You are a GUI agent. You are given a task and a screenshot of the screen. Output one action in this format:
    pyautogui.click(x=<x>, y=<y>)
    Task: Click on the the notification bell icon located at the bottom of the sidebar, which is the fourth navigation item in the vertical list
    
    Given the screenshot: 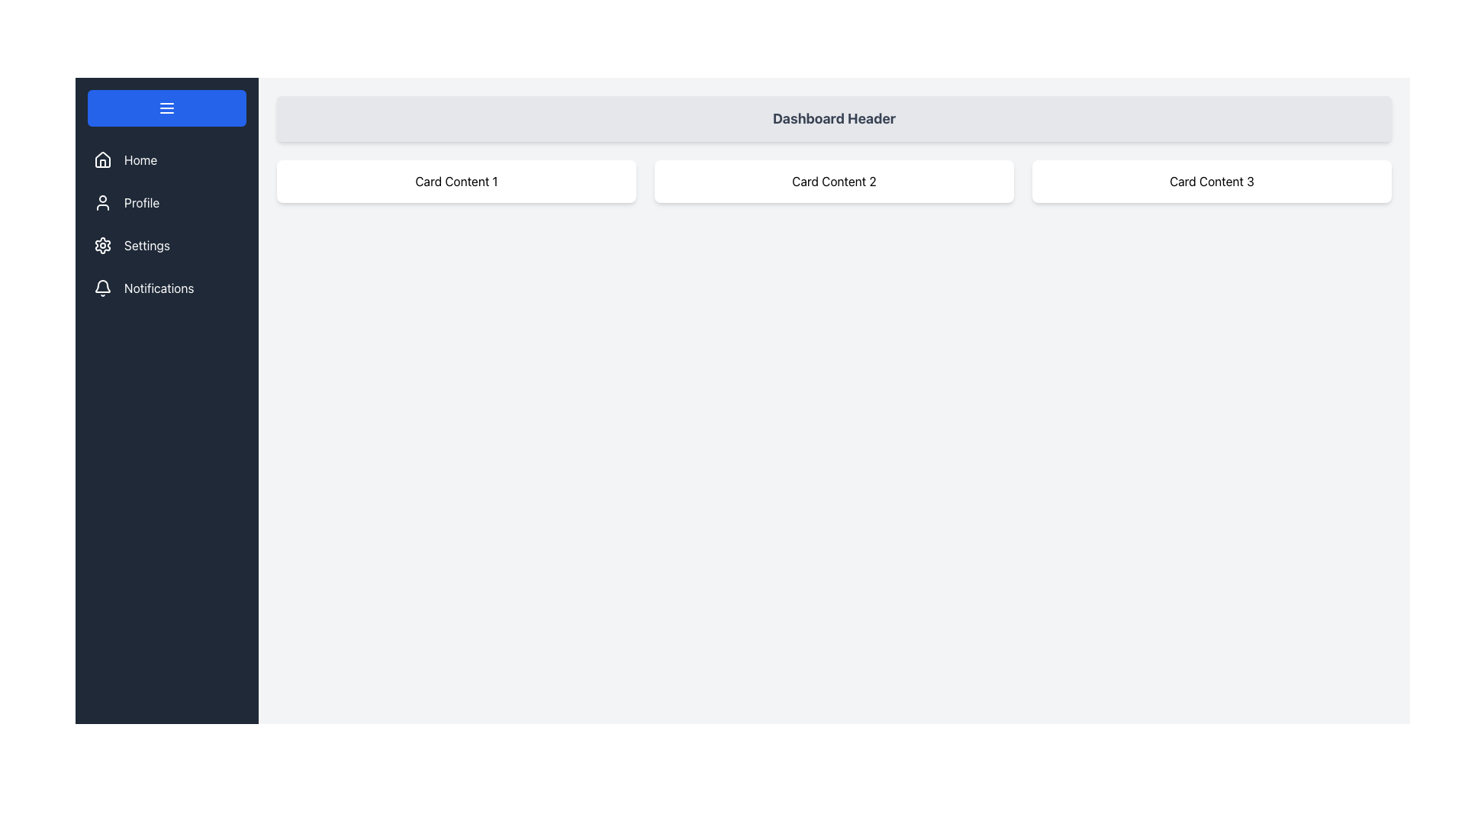 What is the action you would take?
    pyautogui.click(x=101, y=286)
    